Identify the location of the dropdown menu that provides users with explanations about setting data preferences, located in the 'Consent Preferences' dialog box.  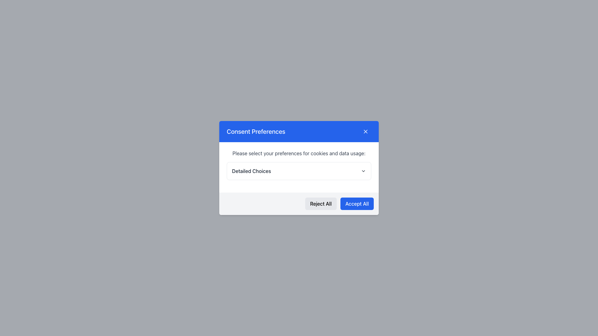
(299, 167).